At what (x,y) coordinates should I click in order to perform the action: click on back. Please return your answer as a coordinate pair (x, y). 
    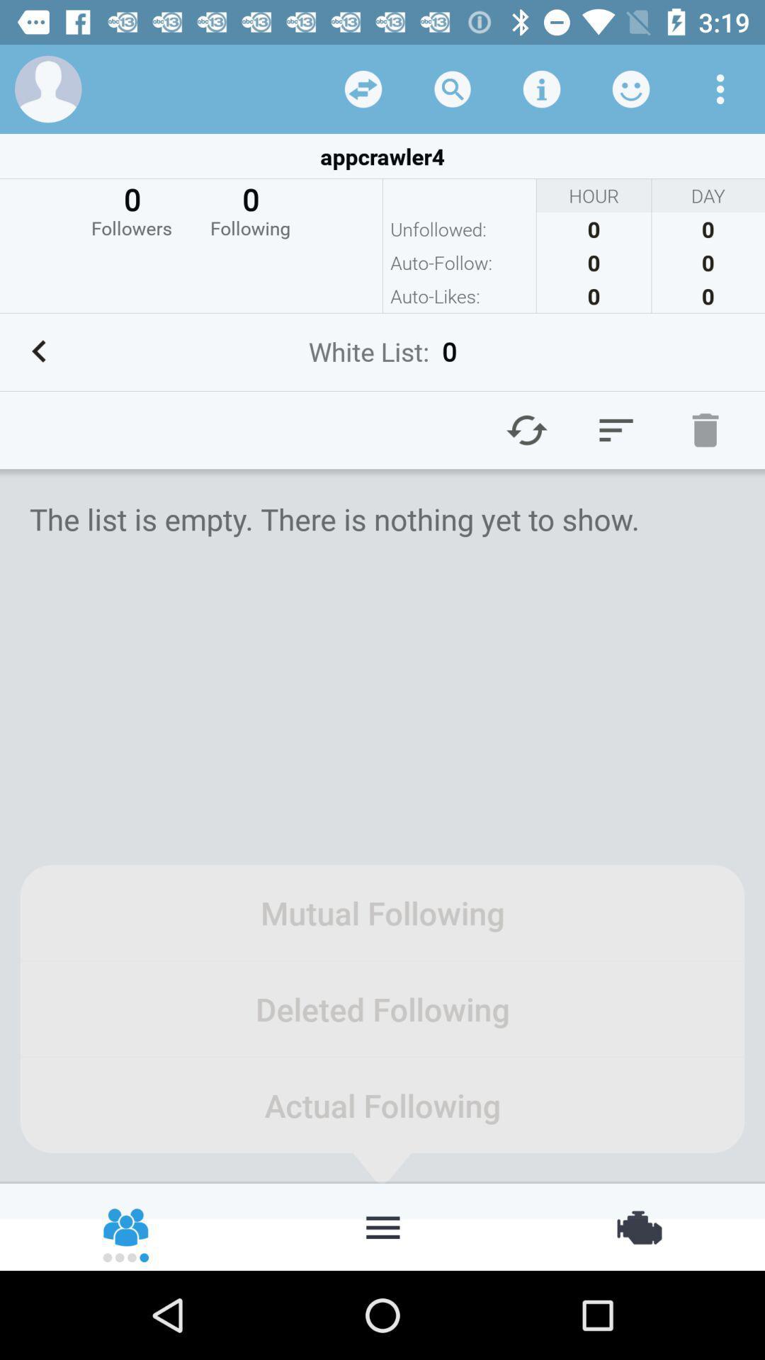
    Looking at the image, I should click on (363, 88).